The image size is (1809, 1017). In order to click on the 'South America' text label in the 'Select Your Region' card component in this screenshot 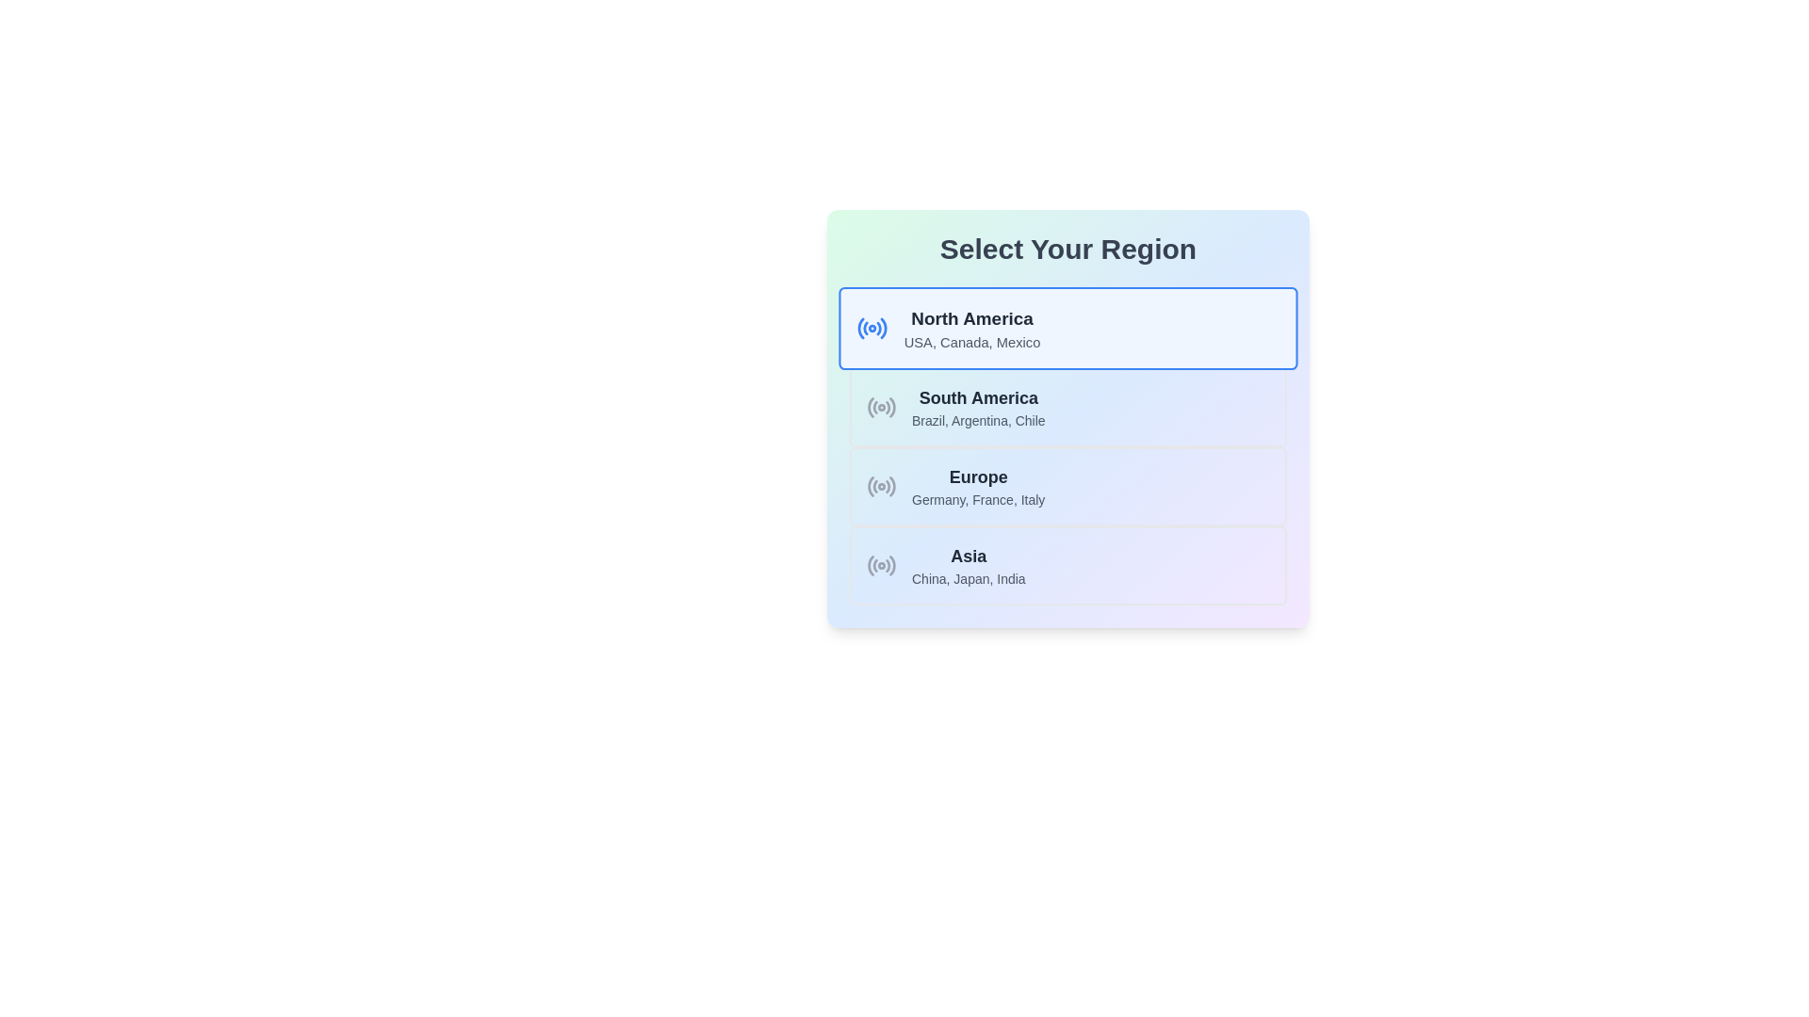, I will do `click(978, 397)`.